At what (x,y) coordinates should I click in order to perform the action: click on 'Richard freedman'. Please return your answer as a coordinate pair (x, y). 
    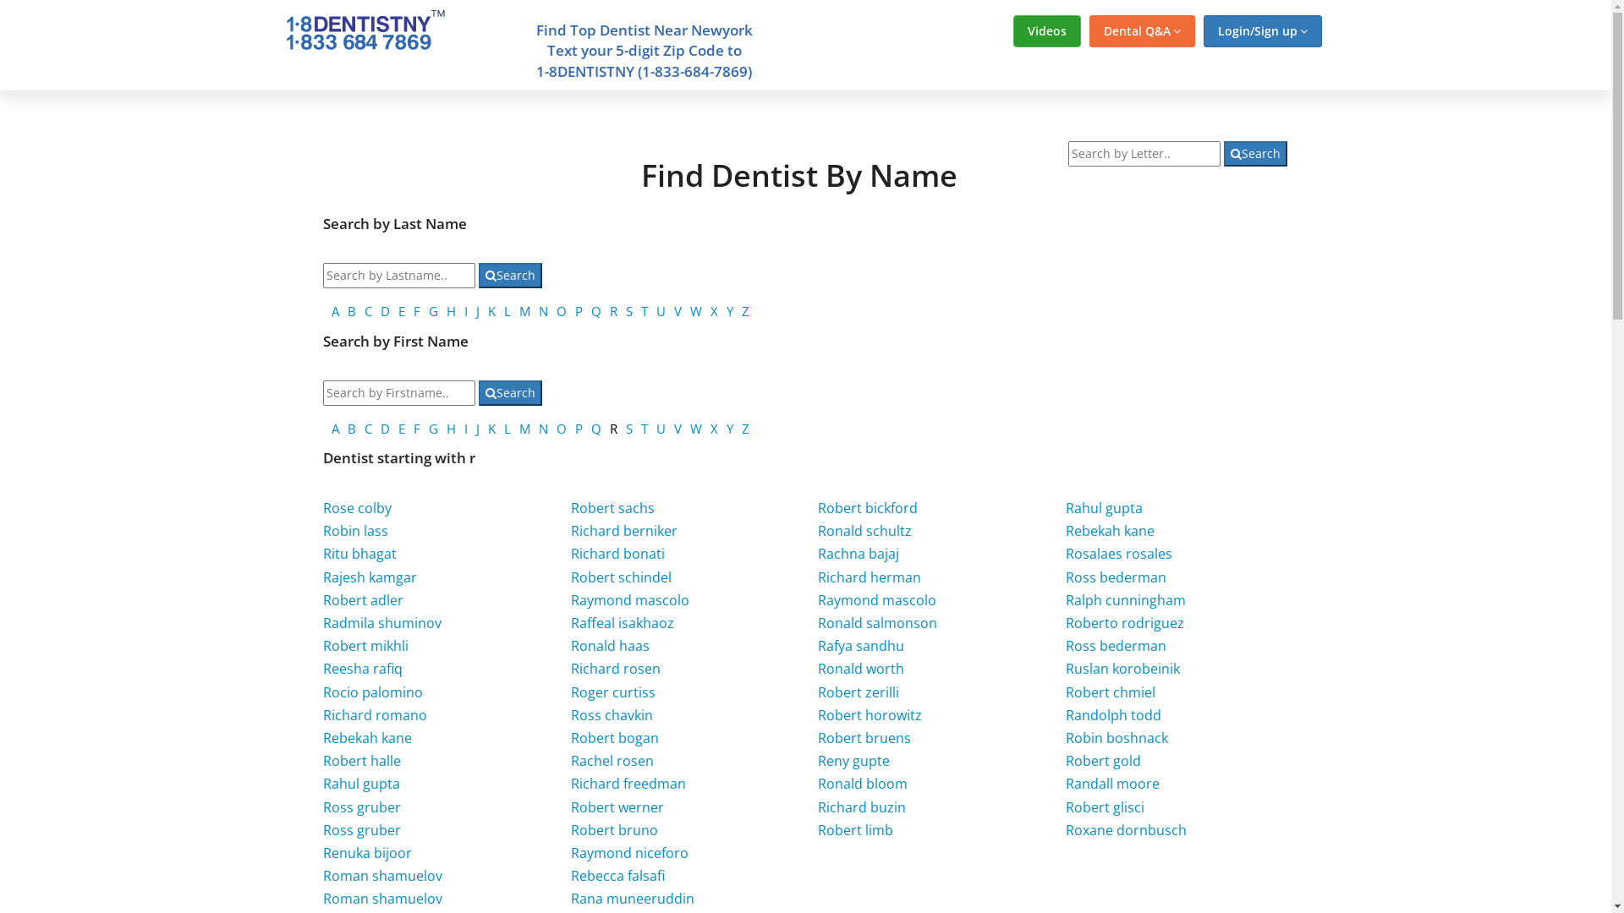
    Looking at the image, I should click on (628, 783).